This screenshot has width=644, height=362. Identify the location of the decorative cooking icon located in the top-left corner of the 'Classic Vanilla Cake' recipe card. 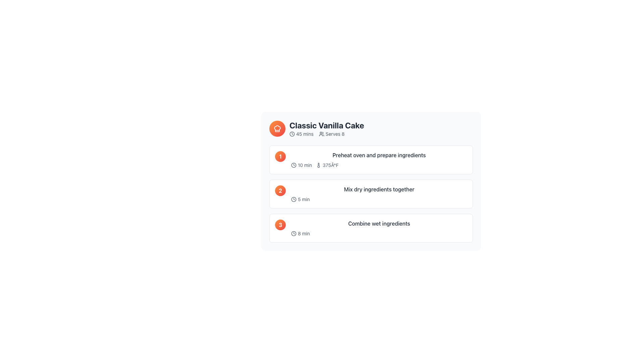
(277, 129).